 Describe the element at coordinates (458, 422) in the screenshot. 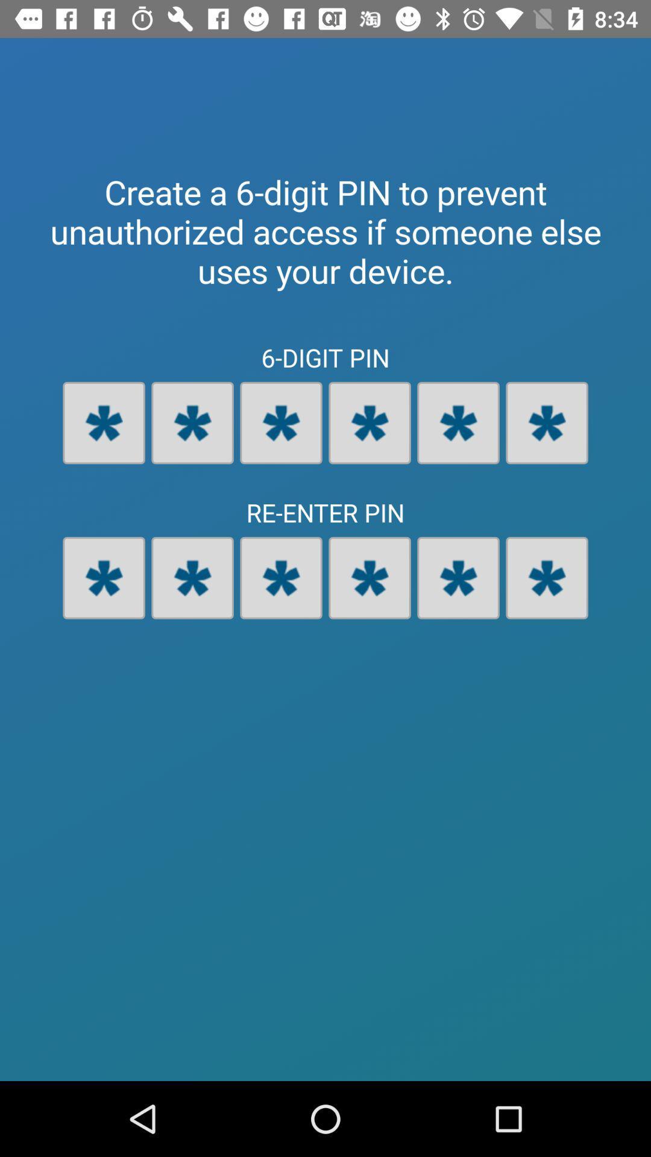

I see `the fifth text box which is below the 6digit pin` at that location.